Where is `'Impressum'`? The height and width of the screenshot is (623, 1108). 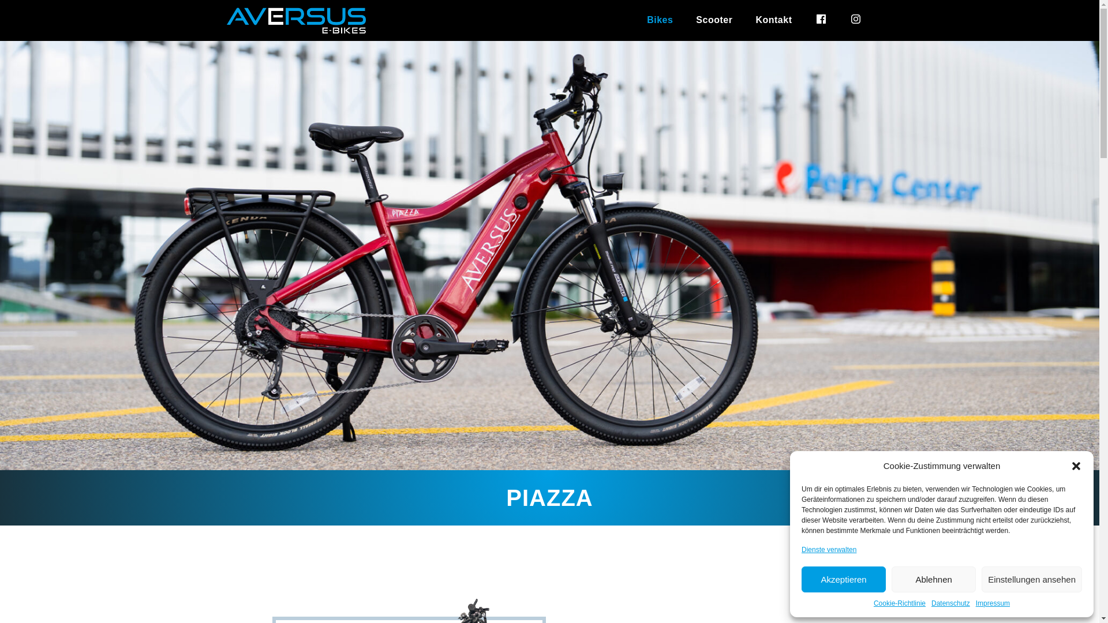
'Impressum' is located at coordinates (992, 602).